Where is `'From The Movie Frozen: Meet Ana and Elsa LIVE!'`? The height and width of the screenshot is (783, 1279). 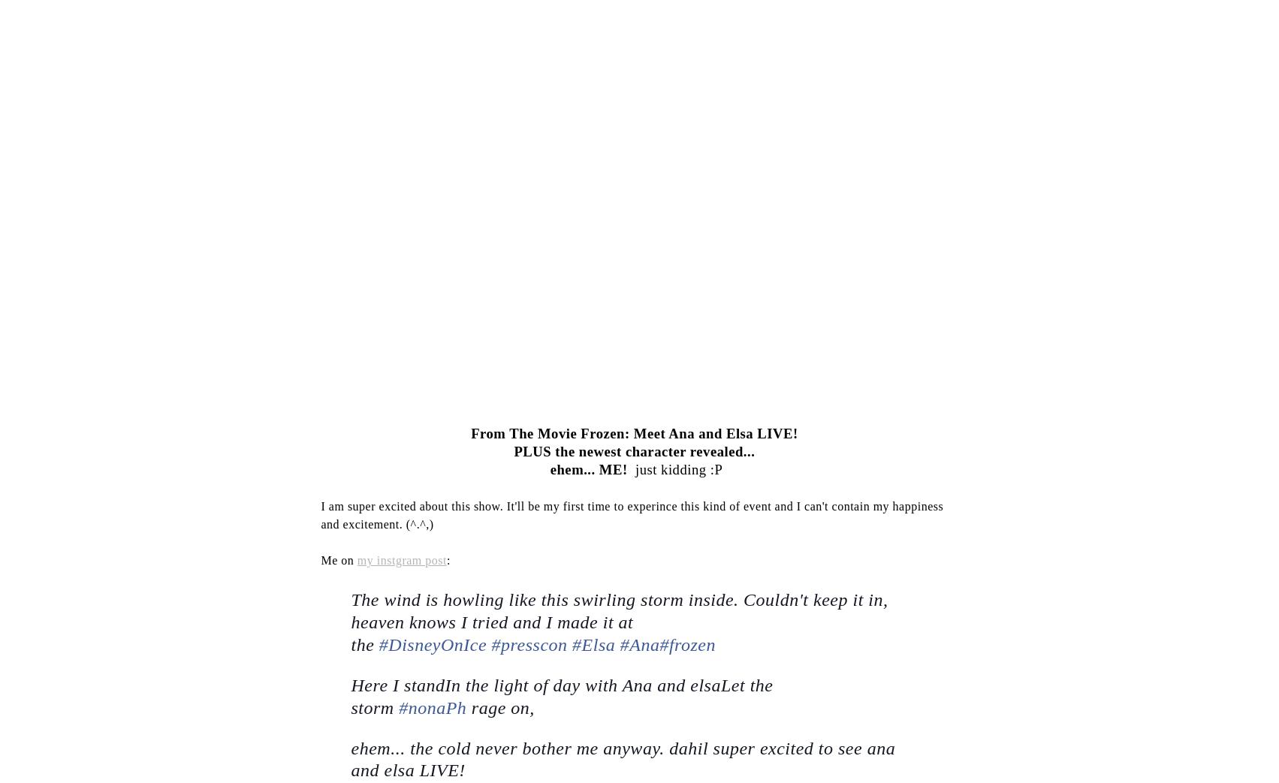
'From The Movie Frozen: Meet Ana and Elsa LIVE!' is located at coordinates (470, 433).